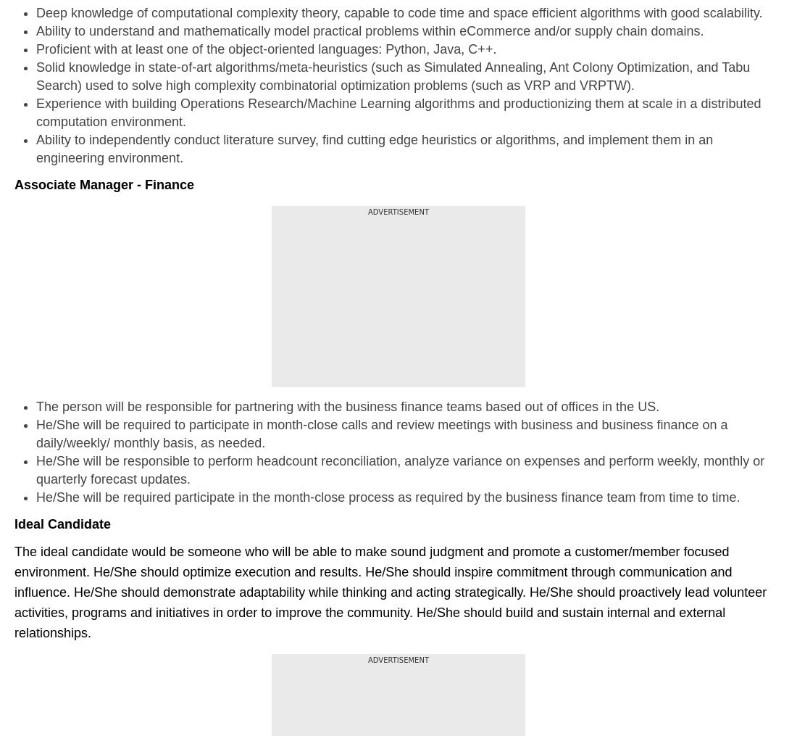  I want to click on 'He/She will be required participate in the month-close process as required by the business finance team from time to time.', so click(388, 497).